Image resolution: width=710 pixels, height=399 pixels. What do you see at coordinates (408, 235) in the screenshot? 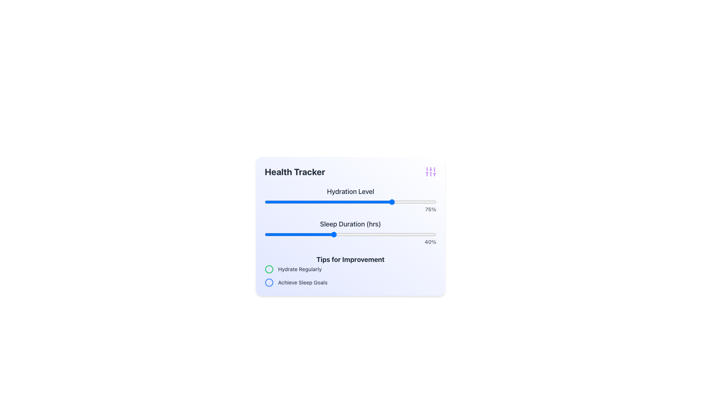
I see `the sleep duration` at bounding box center [408, 235].